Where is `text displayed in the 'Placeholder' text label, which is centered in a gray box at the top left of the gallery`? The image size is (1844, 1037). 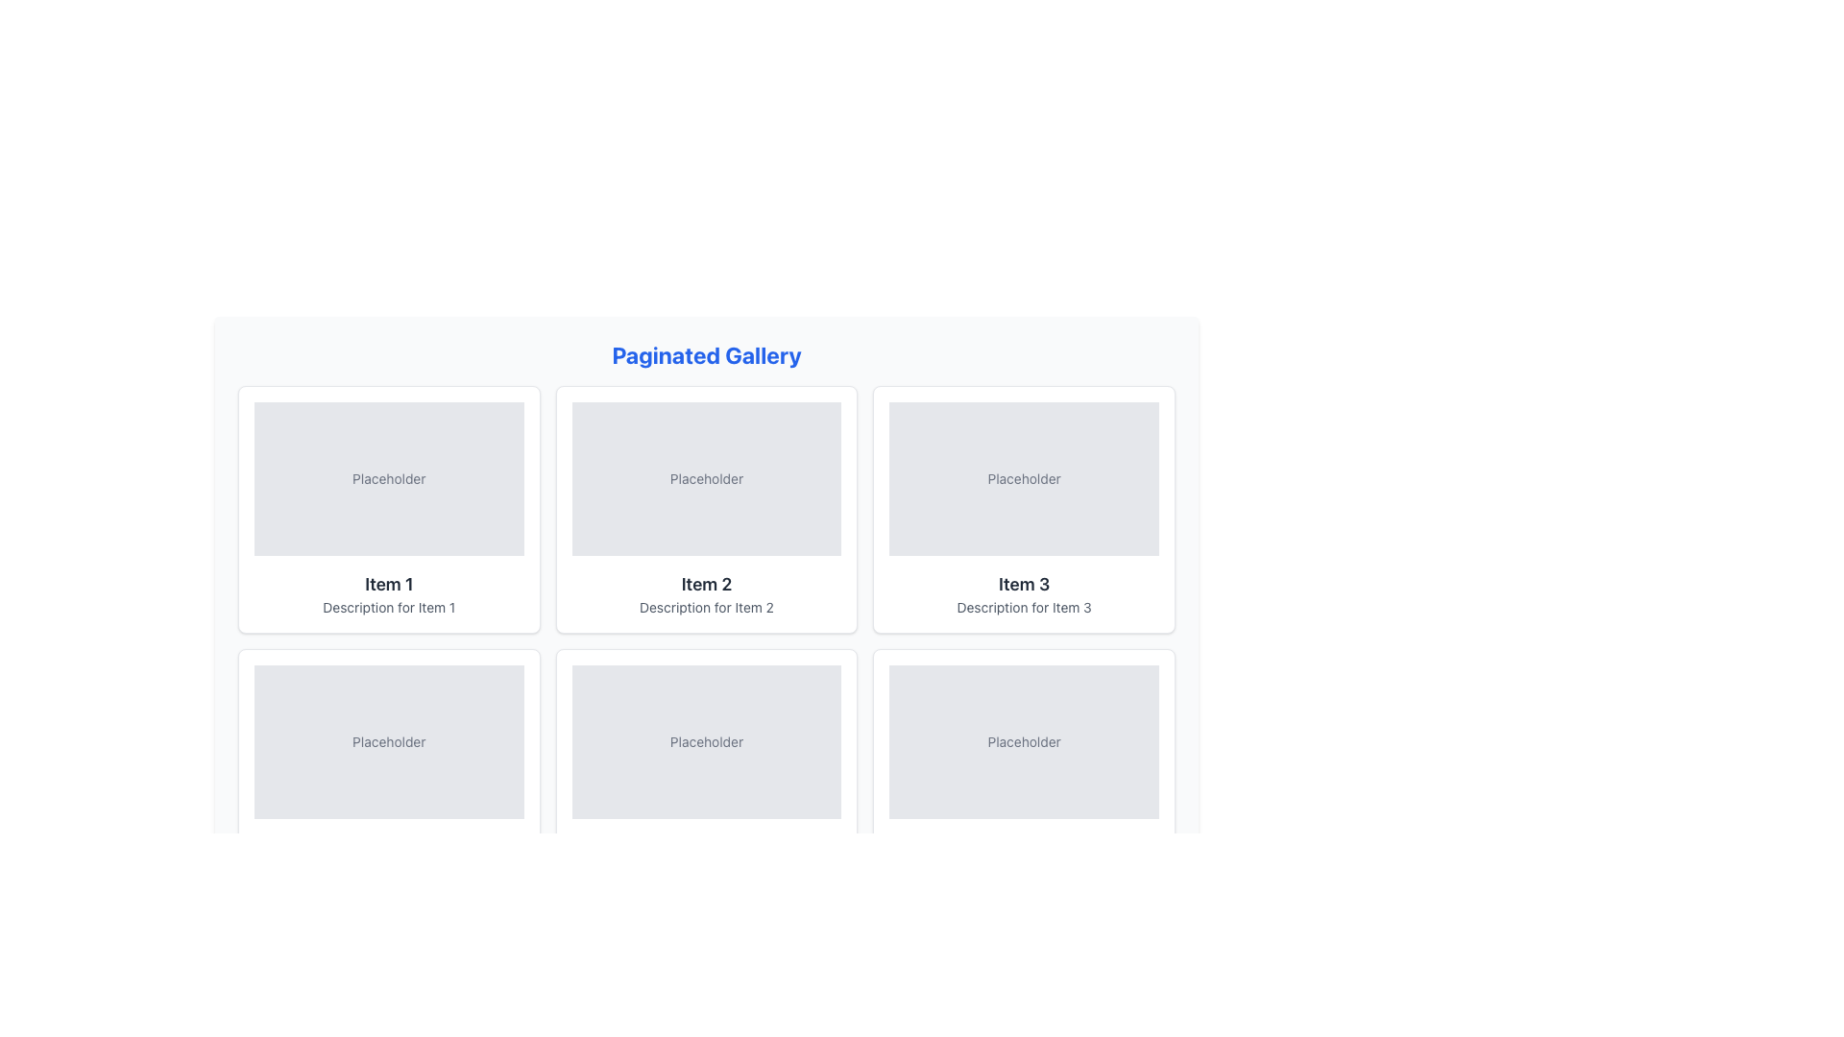
text displayed in the 'Placeholder' text label, which is centered in a gray box at the top left of the gallery is located at coordinates (388, 477).